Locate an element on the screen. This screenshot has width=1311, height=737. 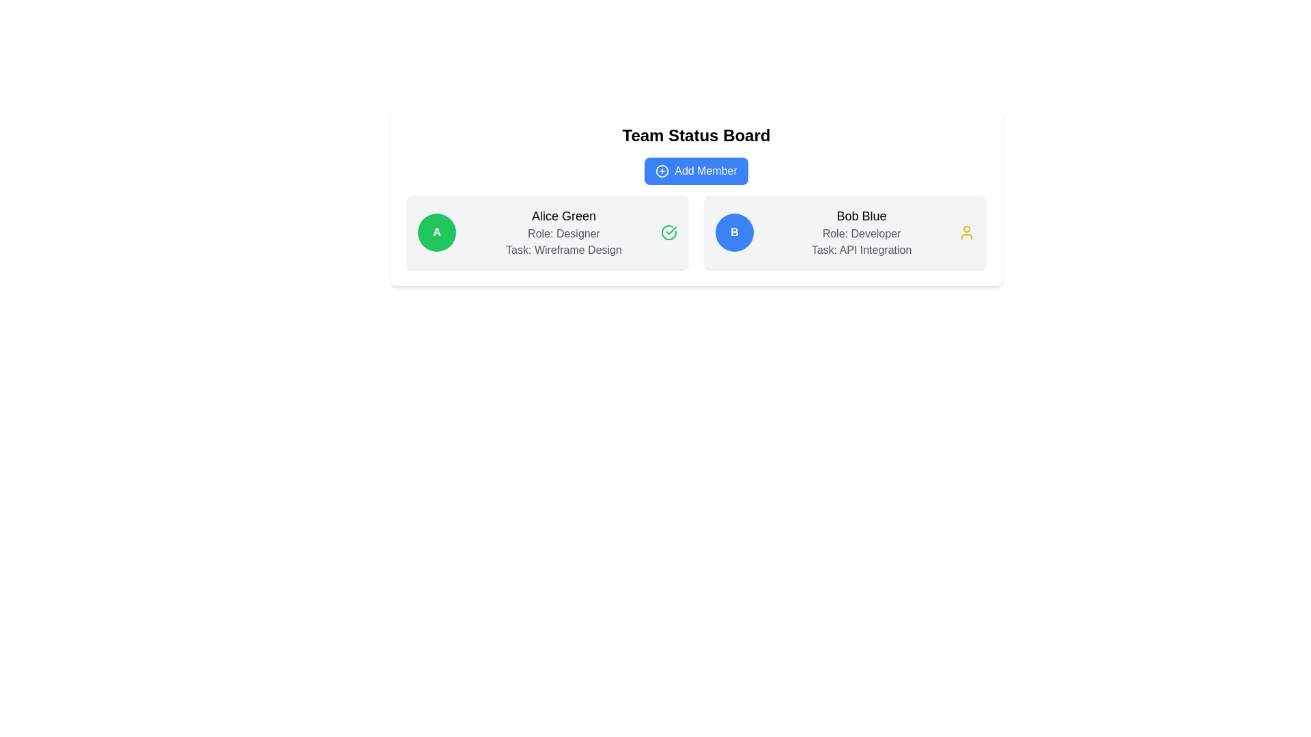
the button that allows users to add new members to the current team, located below the 'Team Status Board' heading is located at coordinates (696, 170).